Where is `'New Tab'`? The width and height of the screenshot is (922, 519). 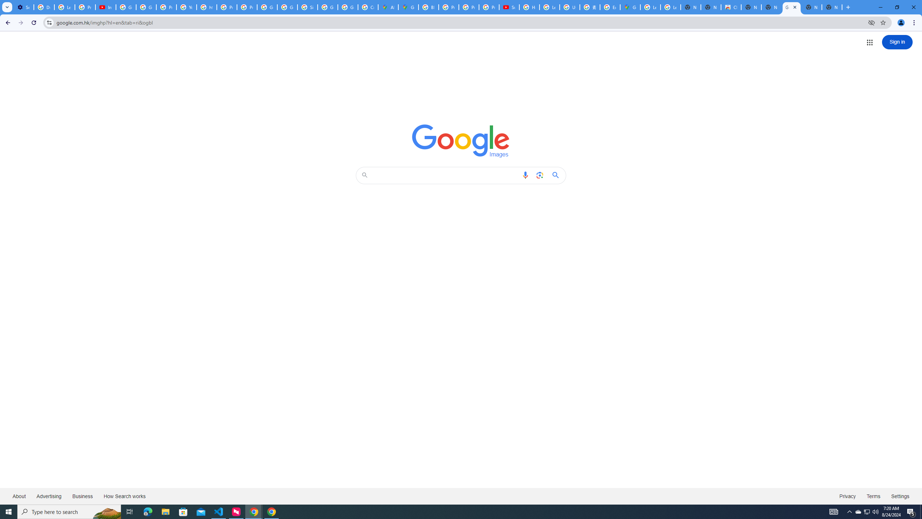 'New Tab' is located at coordinates (832, 7).